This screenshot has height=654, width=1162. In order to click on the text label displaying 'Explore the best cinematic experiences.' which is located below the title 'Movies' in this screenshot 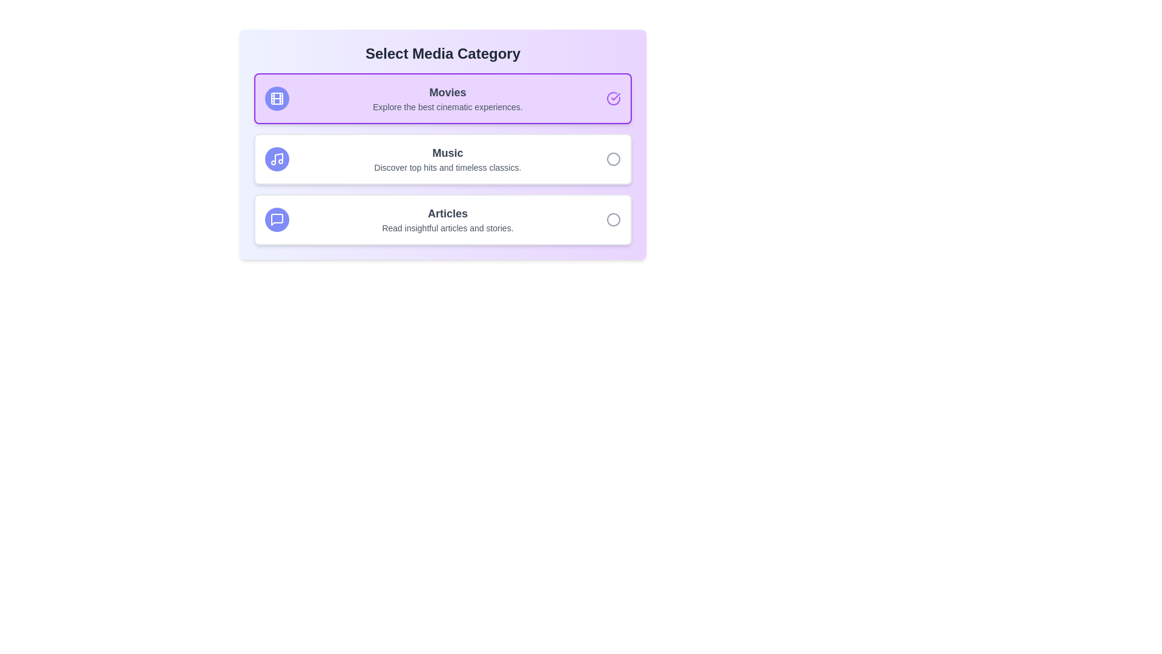, I will do `click(447, 107)`.